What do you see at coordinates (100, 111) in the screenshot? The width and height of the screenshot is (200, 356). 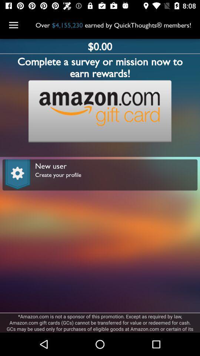 I see `amazon.com website` at bounding box center [100, 111].